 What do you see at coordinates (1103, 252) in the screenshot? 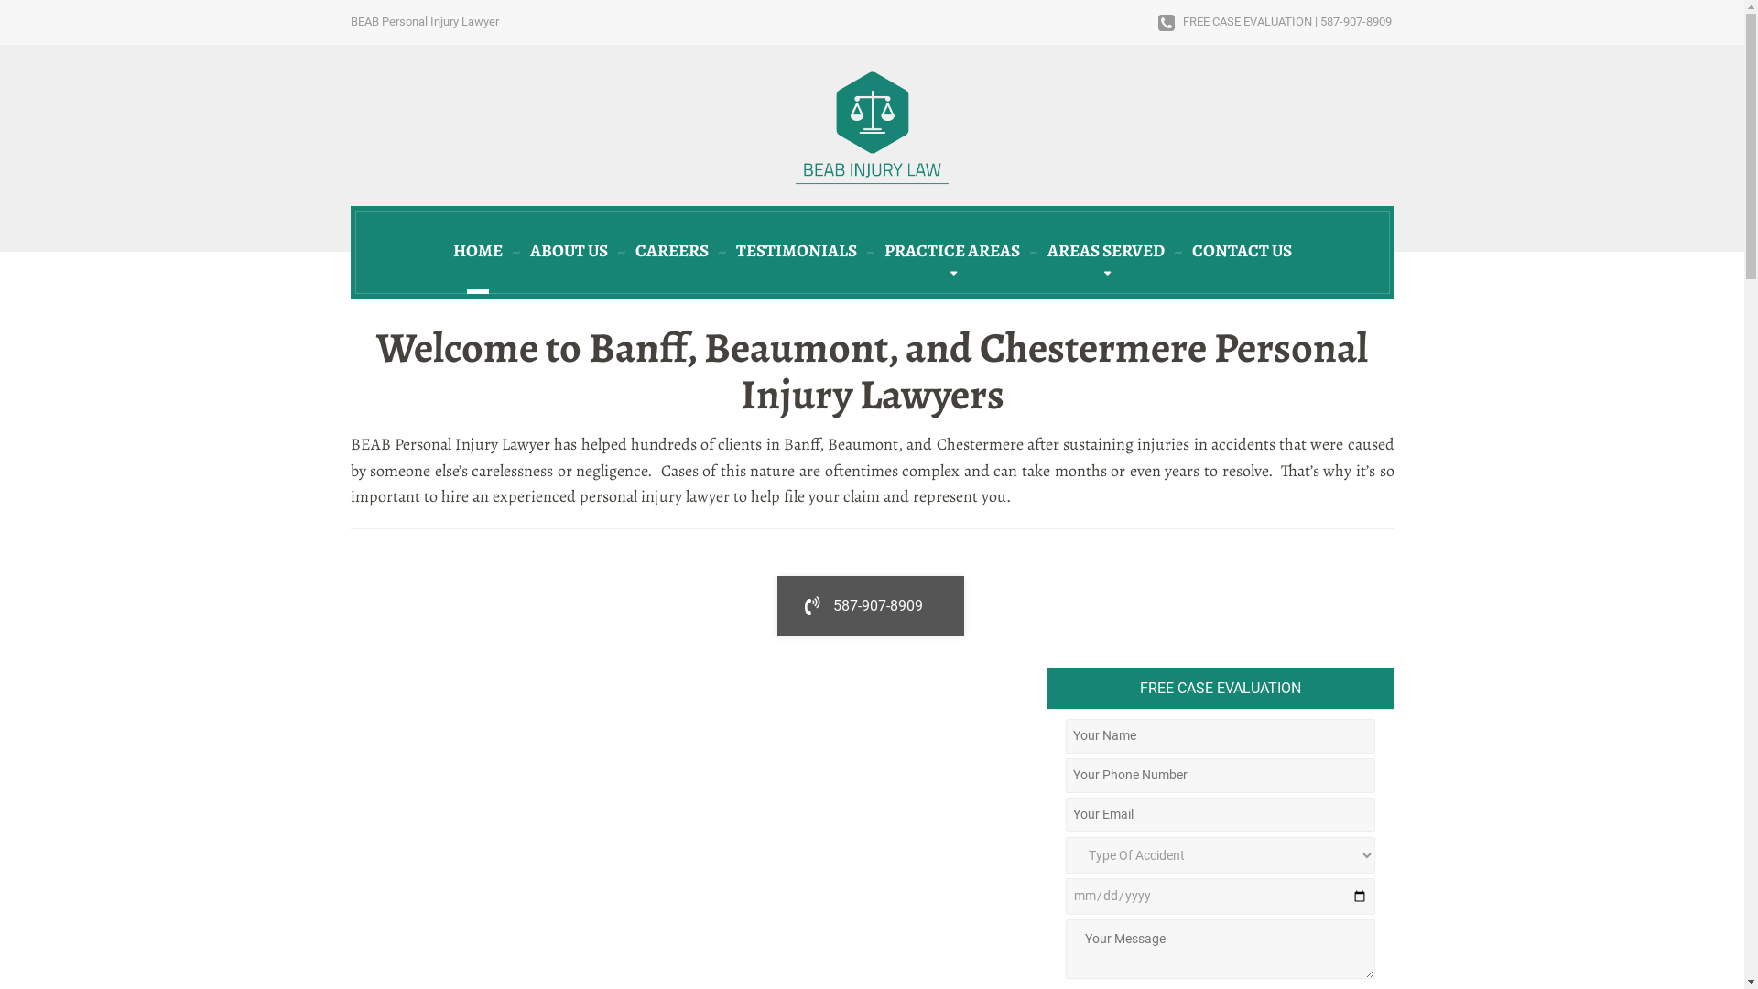
I see `'AREAS SERVED'` at bounding box center [1103, 252].